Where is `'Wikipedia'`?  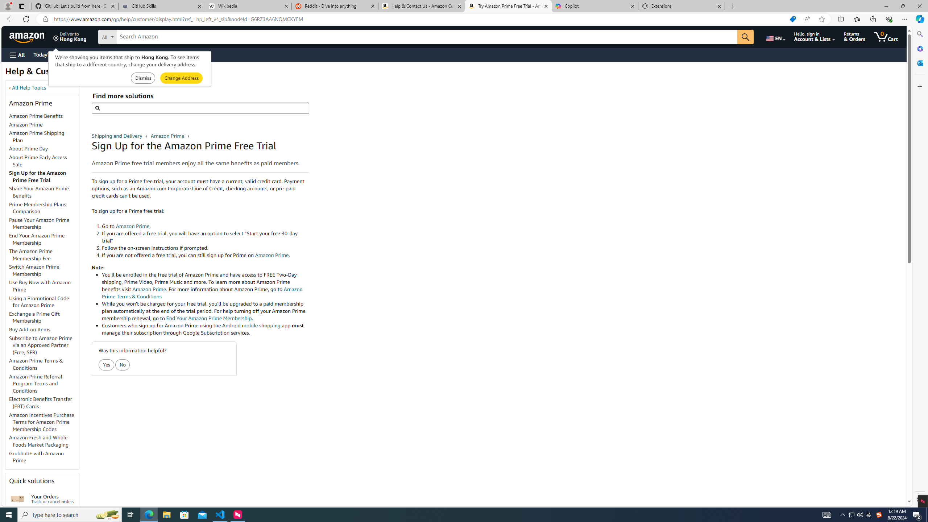
'Wikipedia' is located at coordinates (248, 6).